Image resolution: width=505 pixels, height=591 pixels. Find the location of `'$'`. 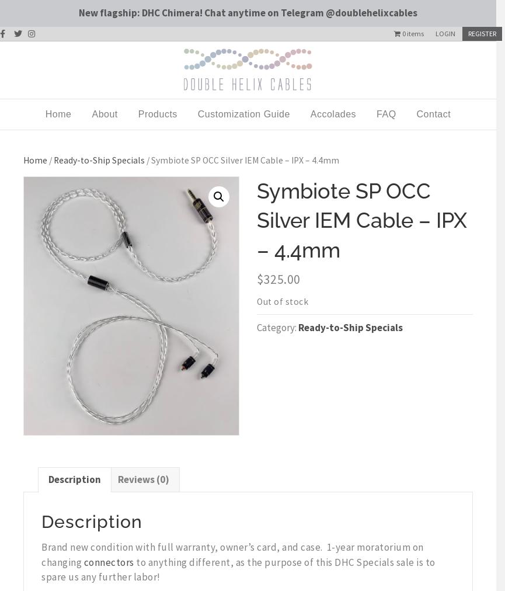

'$' is located at coordinates (259, 279).